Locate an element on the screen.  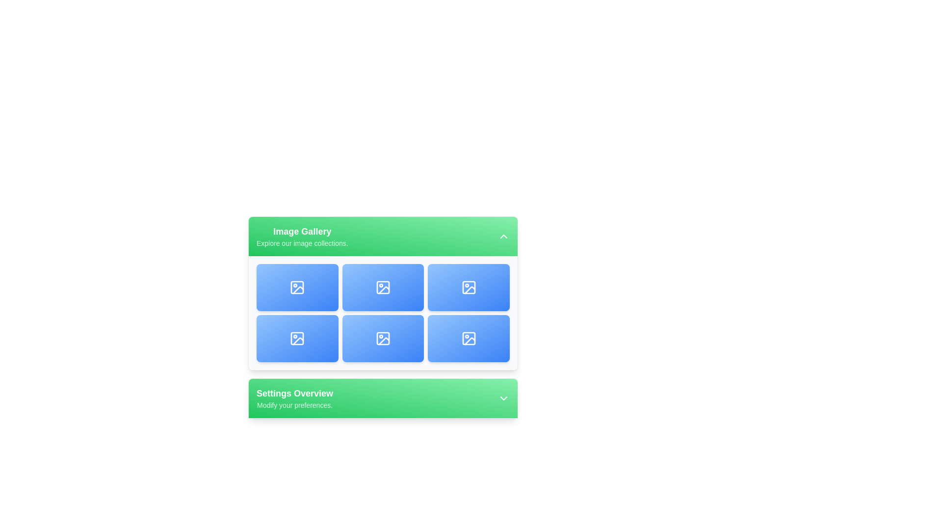
the small rectangular light blue icon with rounded corners located in the sixth item of a 2-row, 3-column gallery layout is located at coordinates (383, 338).